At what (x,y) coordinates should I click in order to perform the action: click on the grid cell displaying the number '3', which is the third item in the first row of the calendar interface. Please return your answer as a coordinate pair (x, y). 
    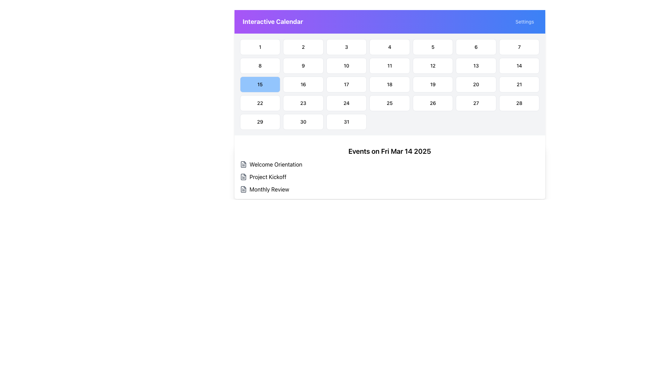
    Looking at the image, I should click on (346, 47).